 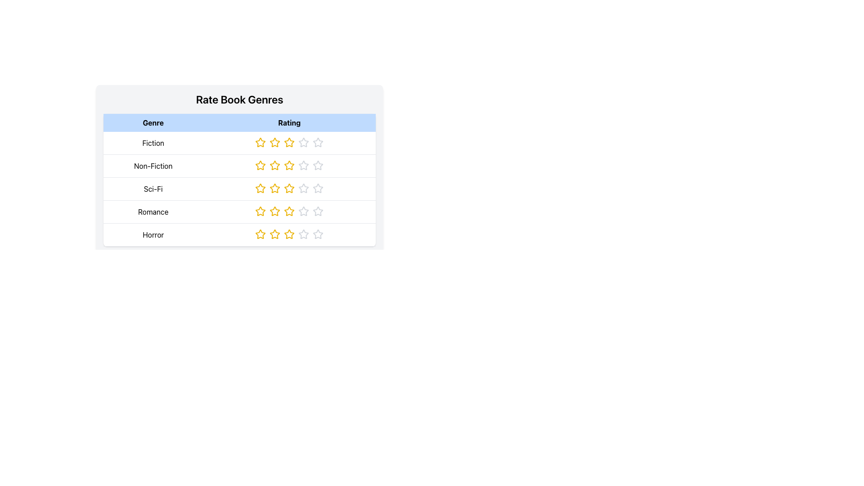 I want to click on the first yellow star icon in the 'Rating' column of the 'Horror' row in the 'Rate Book Genres' table, so click(x=260, y=234).